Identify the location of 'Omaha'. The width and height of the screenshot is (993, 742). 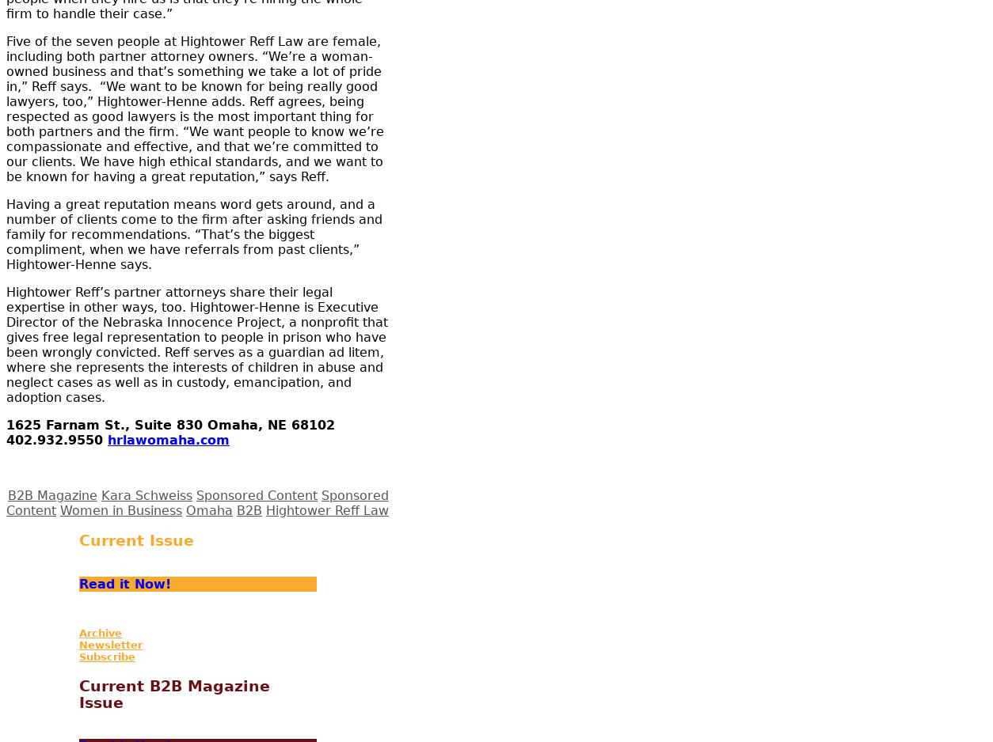
(209, 509).